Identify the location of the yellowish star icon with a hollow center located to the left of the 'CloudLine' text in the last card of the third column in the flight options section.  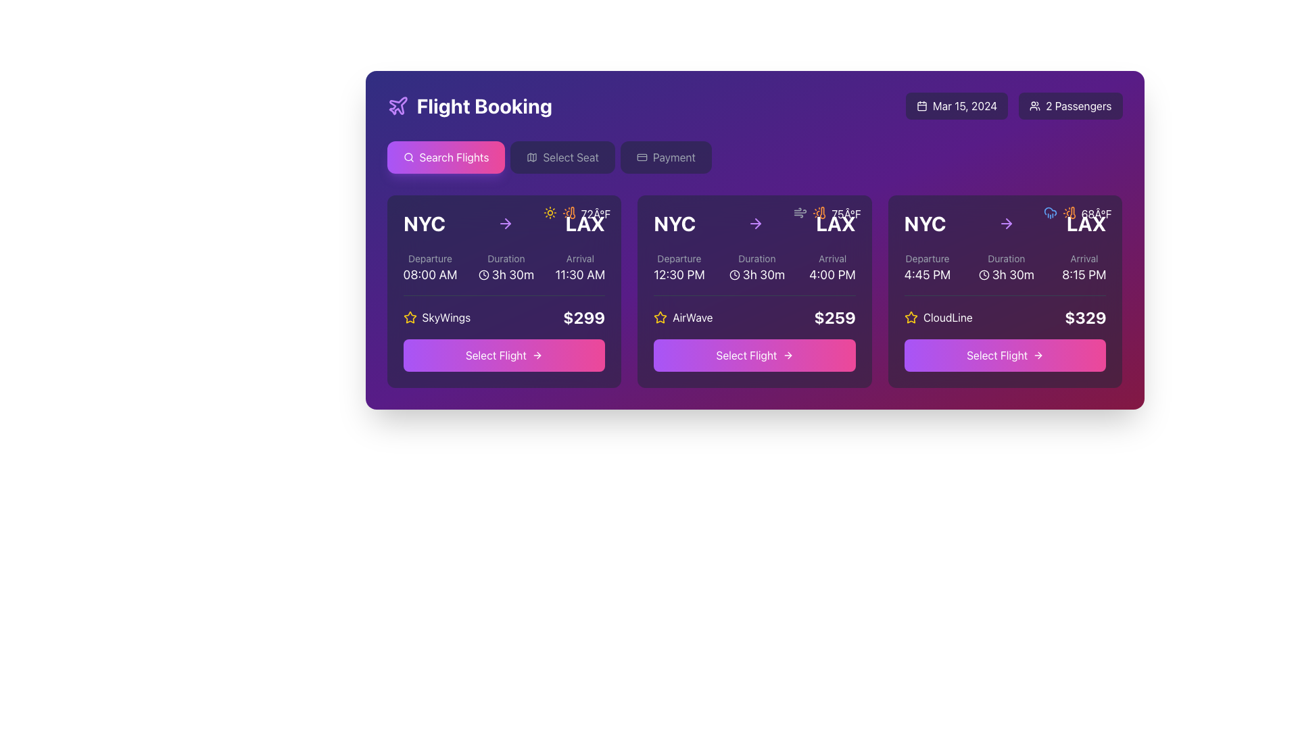
(911, 318).